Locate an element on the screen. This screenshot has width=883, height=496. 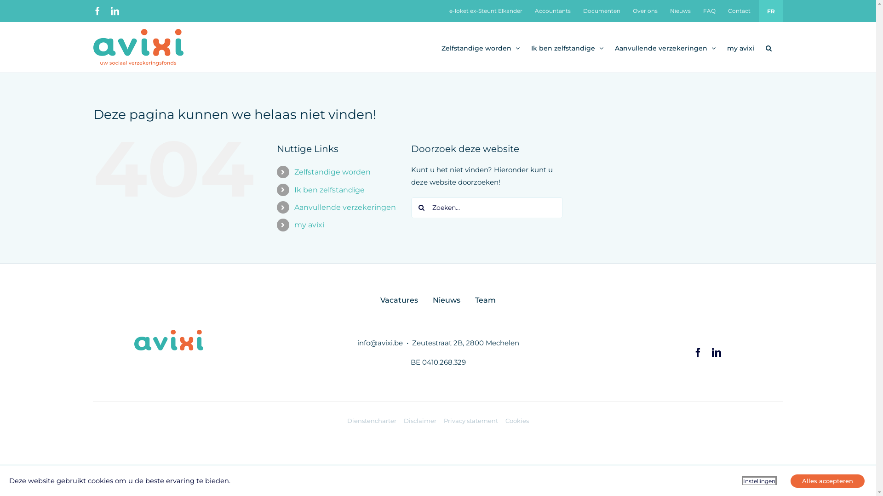
'Privacy statement' is located at coordinates (470, 421).